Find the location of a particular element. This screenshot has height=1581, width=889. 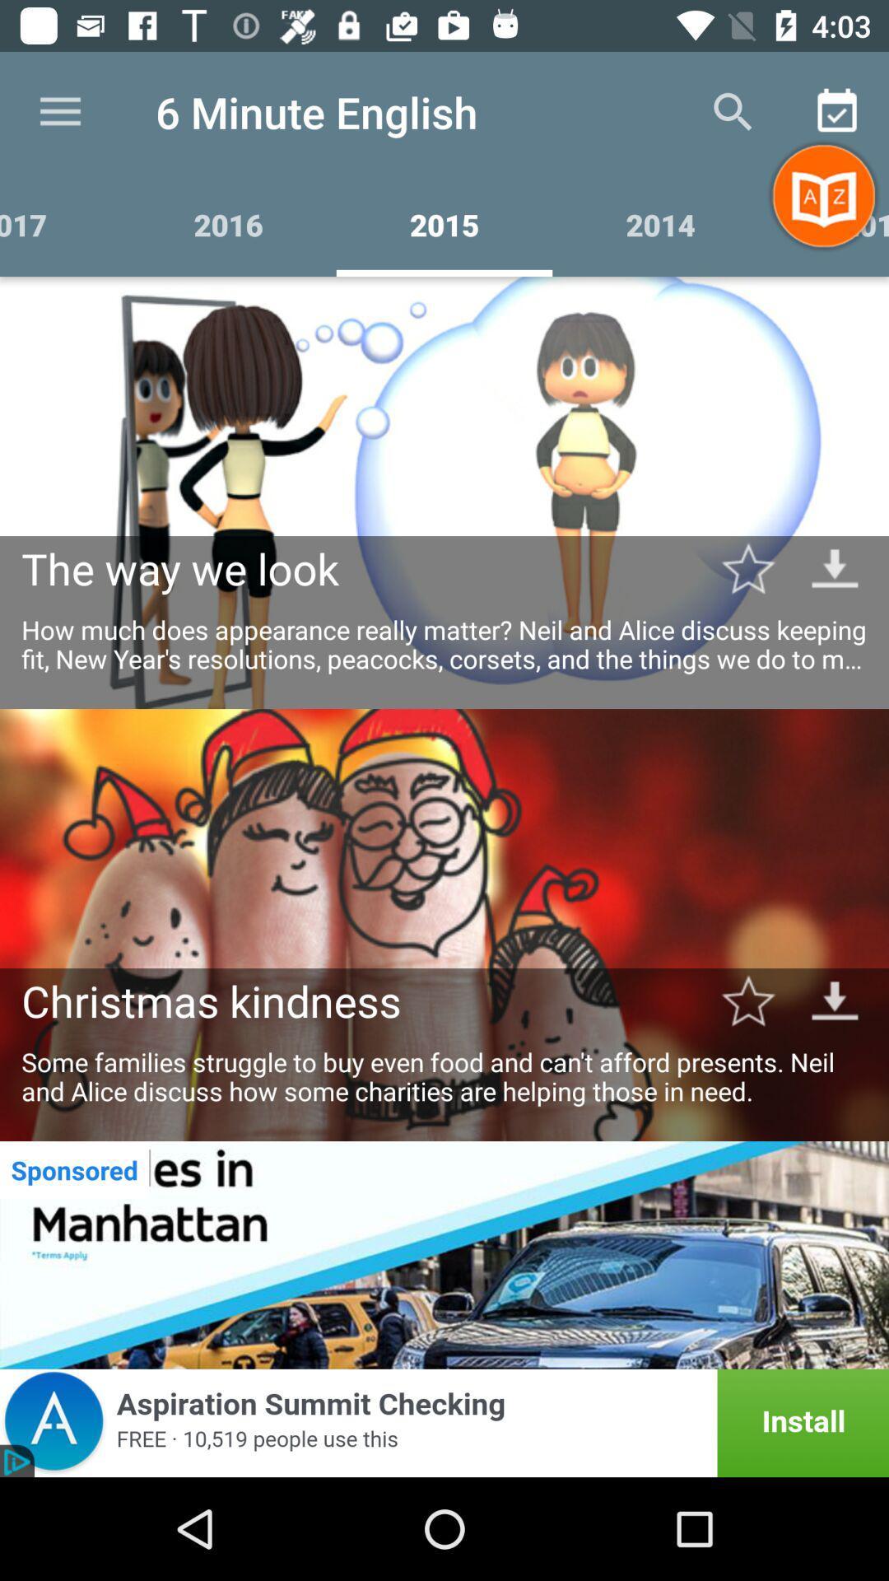

the search option is located at coordinates (733, 112).